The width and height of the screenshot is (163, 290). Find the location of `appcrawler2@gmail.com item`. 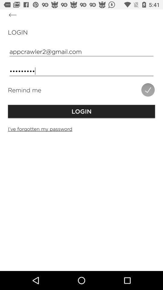

appcrawler2@gmail.com item is located at coordinates (81, 51).